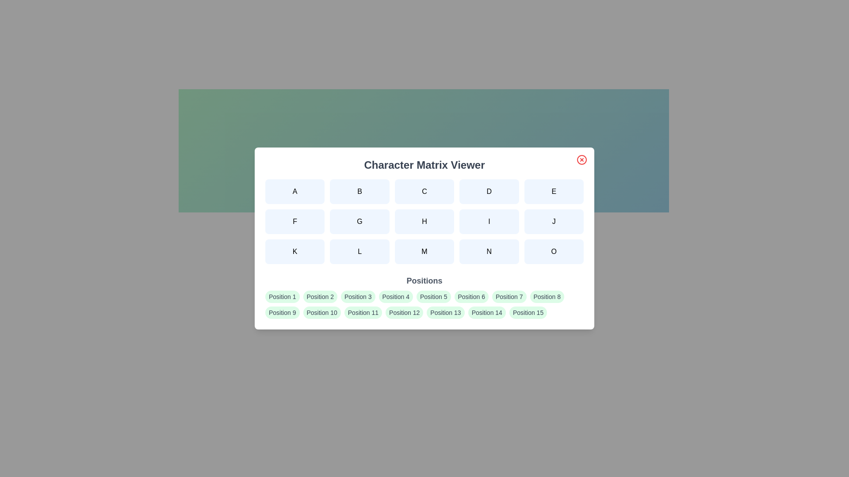 The image size is (849, 477). What do you see at coordinates (359, 191) in the screenshot?
I see `the character button labeled B` at bounding box center [359, 191].